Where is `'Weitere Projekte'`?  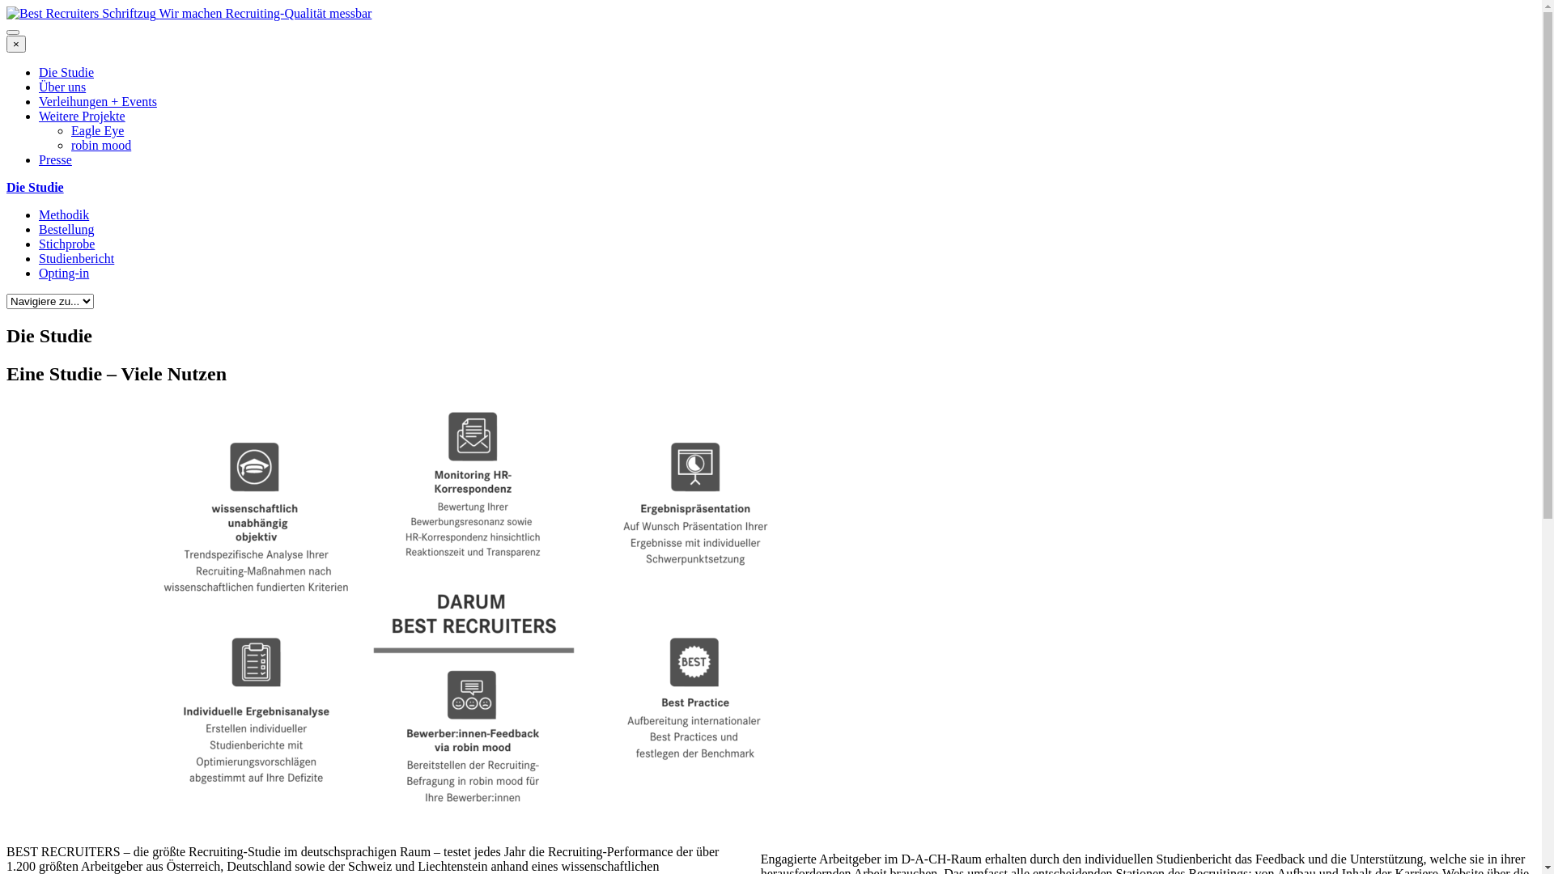
'Weitere Projekte' is located at coordinates (81, 115).